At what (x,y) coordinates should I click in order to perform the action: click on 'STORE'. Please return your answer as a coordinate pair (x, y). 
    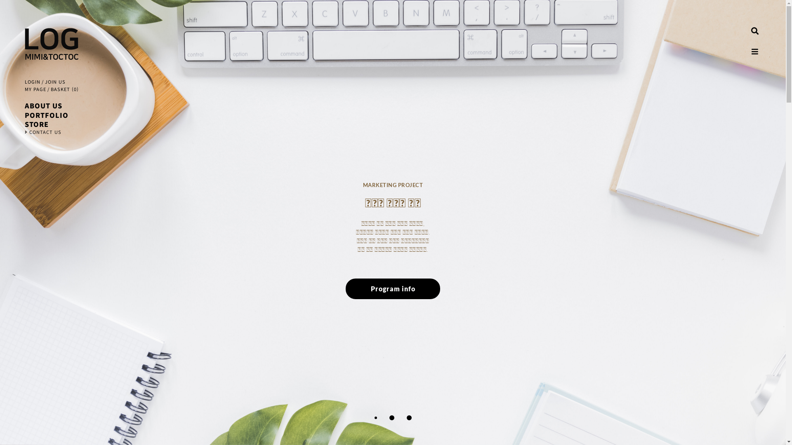
    Looking at the image, I should click on (24, 124).